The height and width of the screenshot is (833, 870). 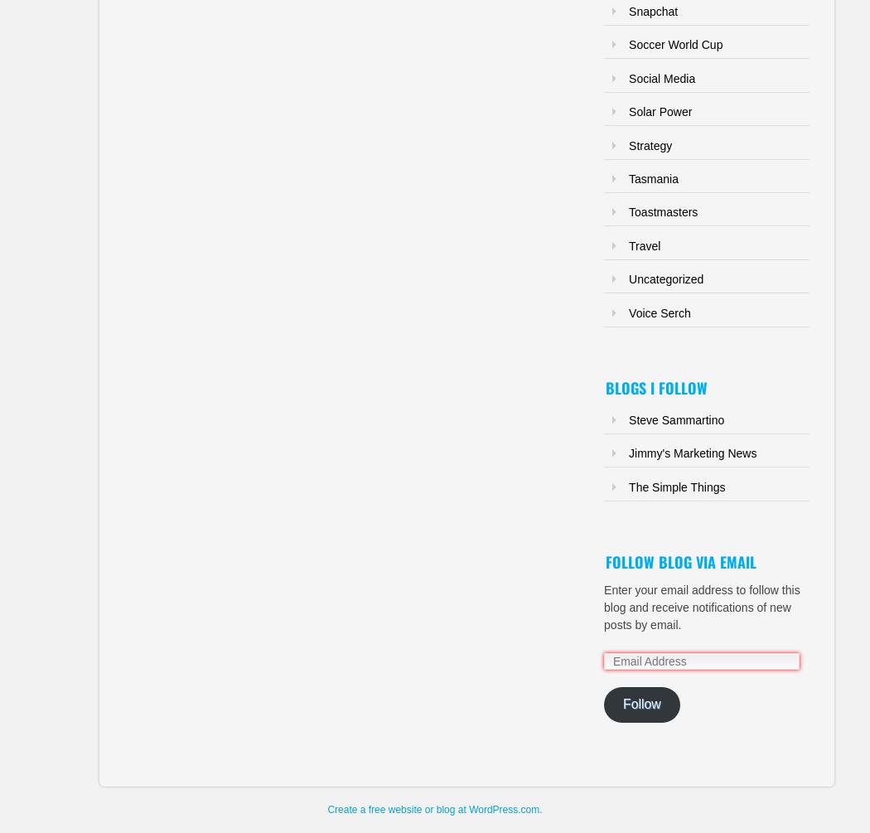 What do you see at coordinates (605, 561) in the screenshot?
I see `'Follow Blog via Email'` at bounding box center [605, 561].